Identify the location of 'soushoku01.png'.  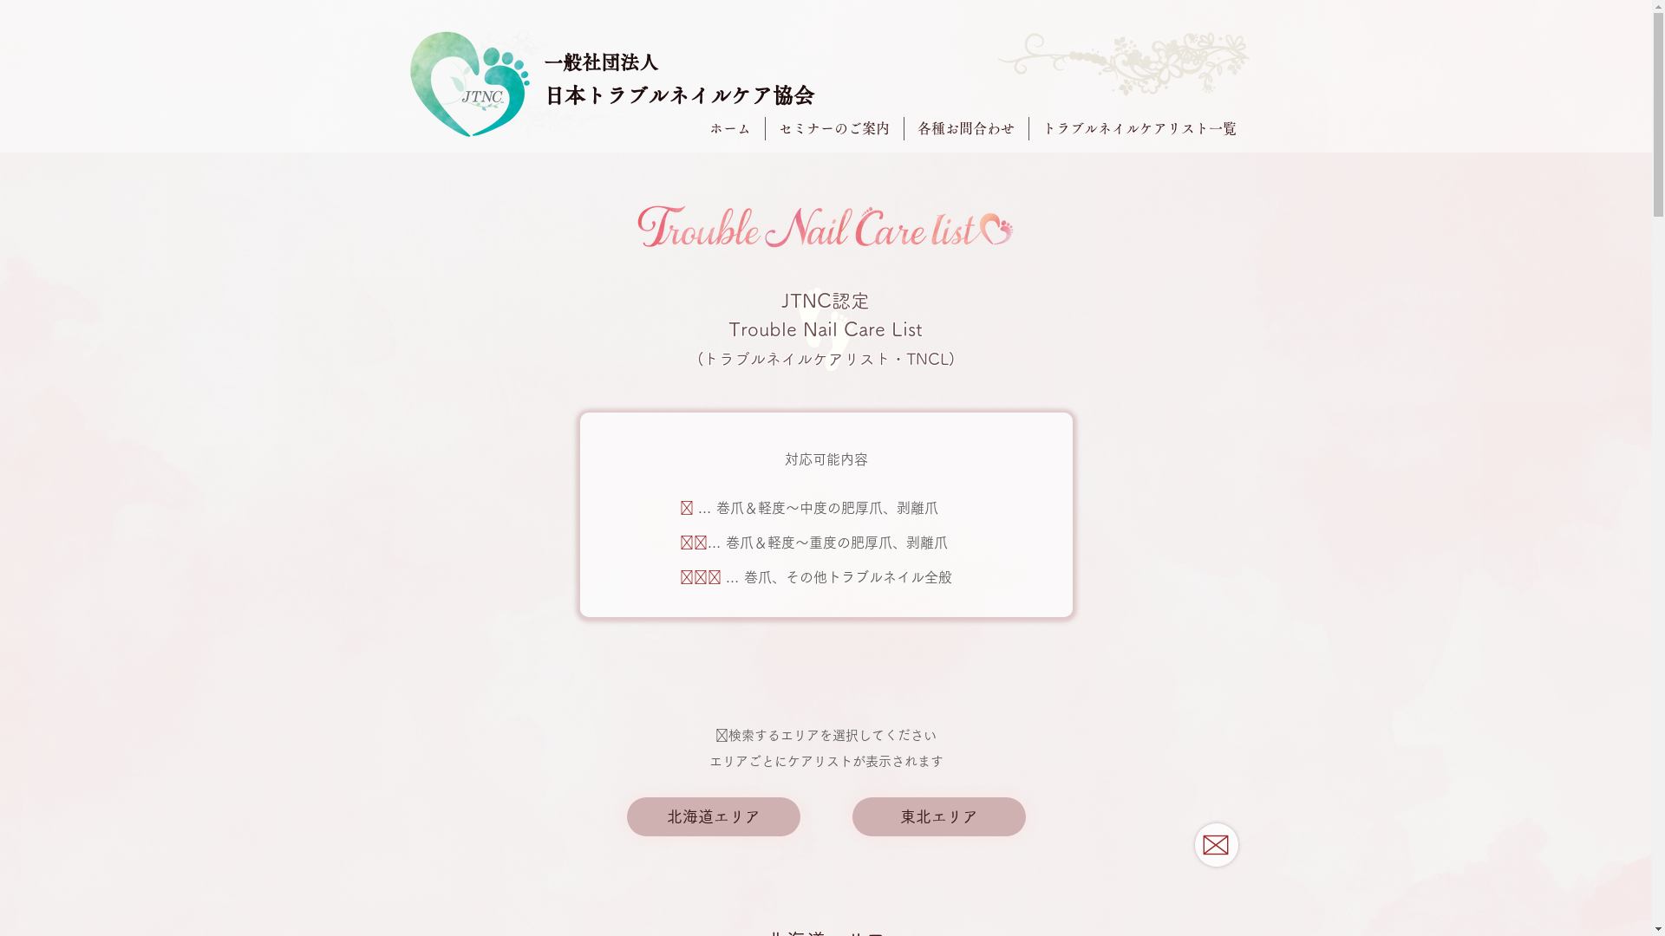
(574, 120).